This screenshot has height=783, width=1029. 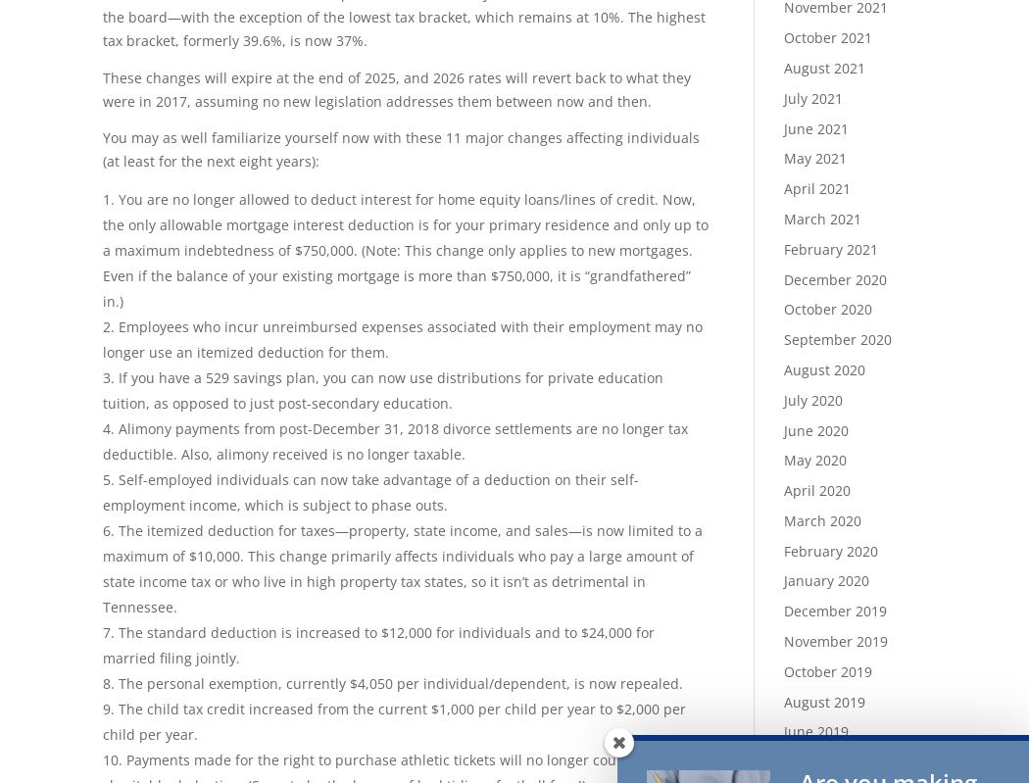 What do you see at coordinates (401, 149) in the screenshot?
I see `'You may as well familiarize yourself now with these 11 major changes affecting individuals (at least for the next eight years):'` at bounding box center [401, 149].